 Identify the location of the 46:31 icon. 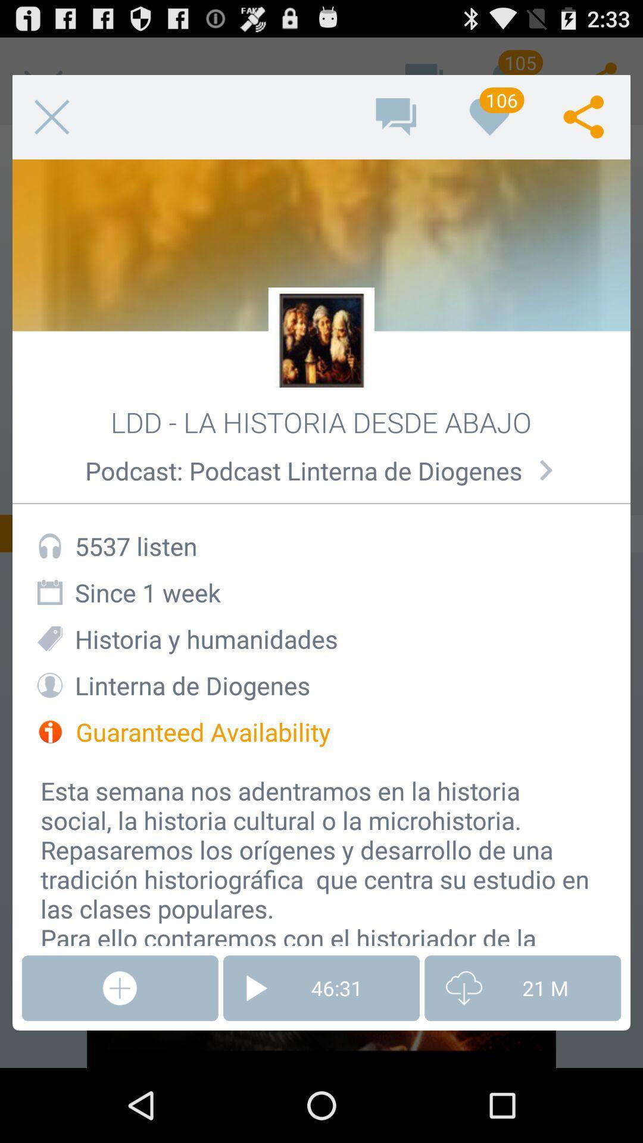
(321, 988).